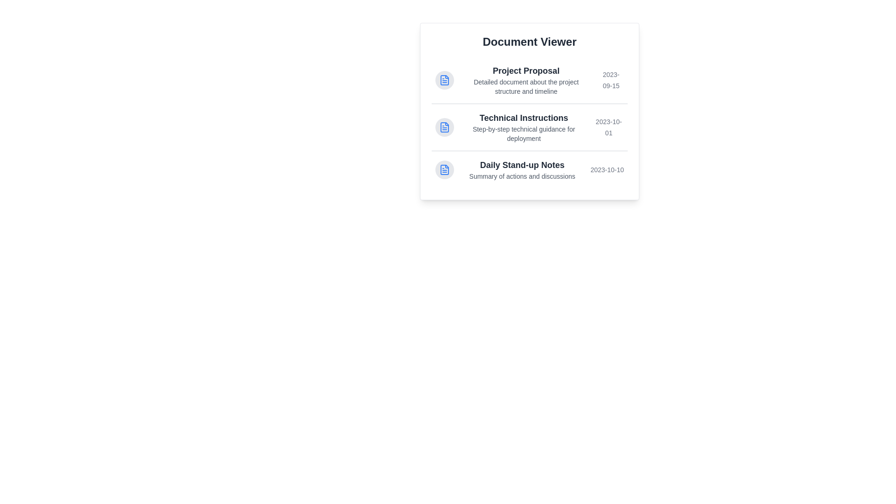 Image resolution: width=896 pixels, height=504 pixels. I want to click on the document titled Technical Instructions, so click(529, 127).